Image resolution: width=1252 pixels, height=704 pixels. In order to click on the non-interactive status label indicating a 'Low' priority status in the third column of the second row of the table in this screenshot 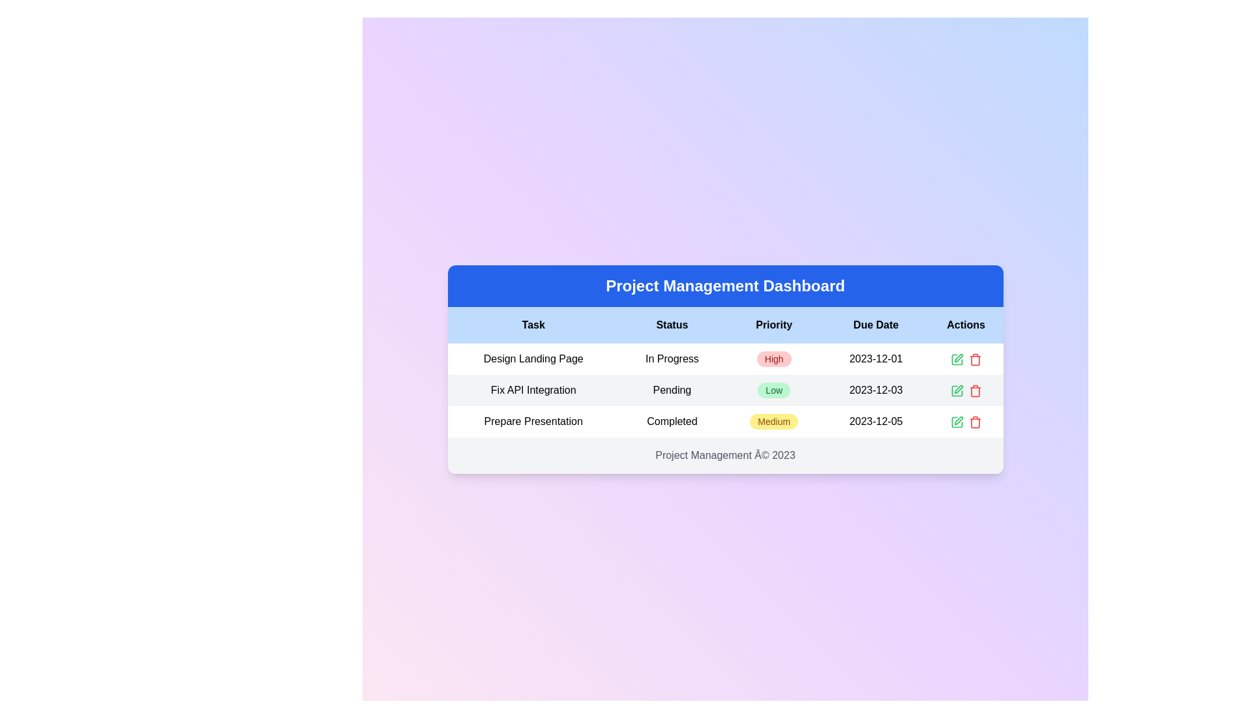, I will do `click(774, 389)`.